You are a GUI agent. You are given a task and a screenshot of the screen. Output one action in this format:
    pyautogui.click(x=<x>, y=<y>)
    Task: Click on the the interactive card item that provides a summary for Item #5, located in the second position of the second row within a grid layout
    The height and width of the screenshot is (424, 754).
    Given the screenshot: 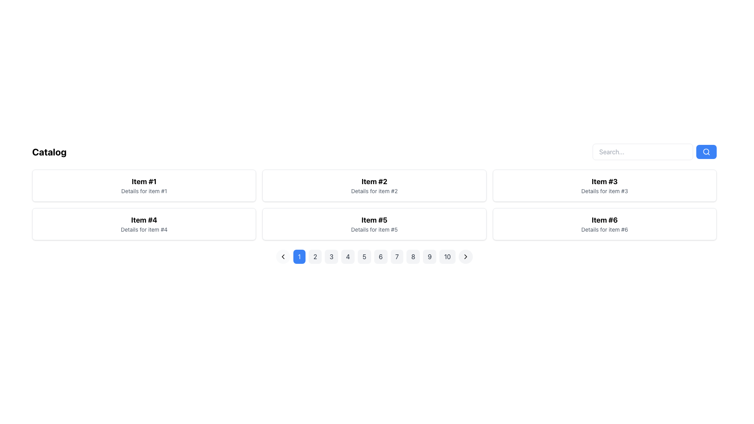 What is the action you would take?
    pyautogui.click(x=374, y=224)
    